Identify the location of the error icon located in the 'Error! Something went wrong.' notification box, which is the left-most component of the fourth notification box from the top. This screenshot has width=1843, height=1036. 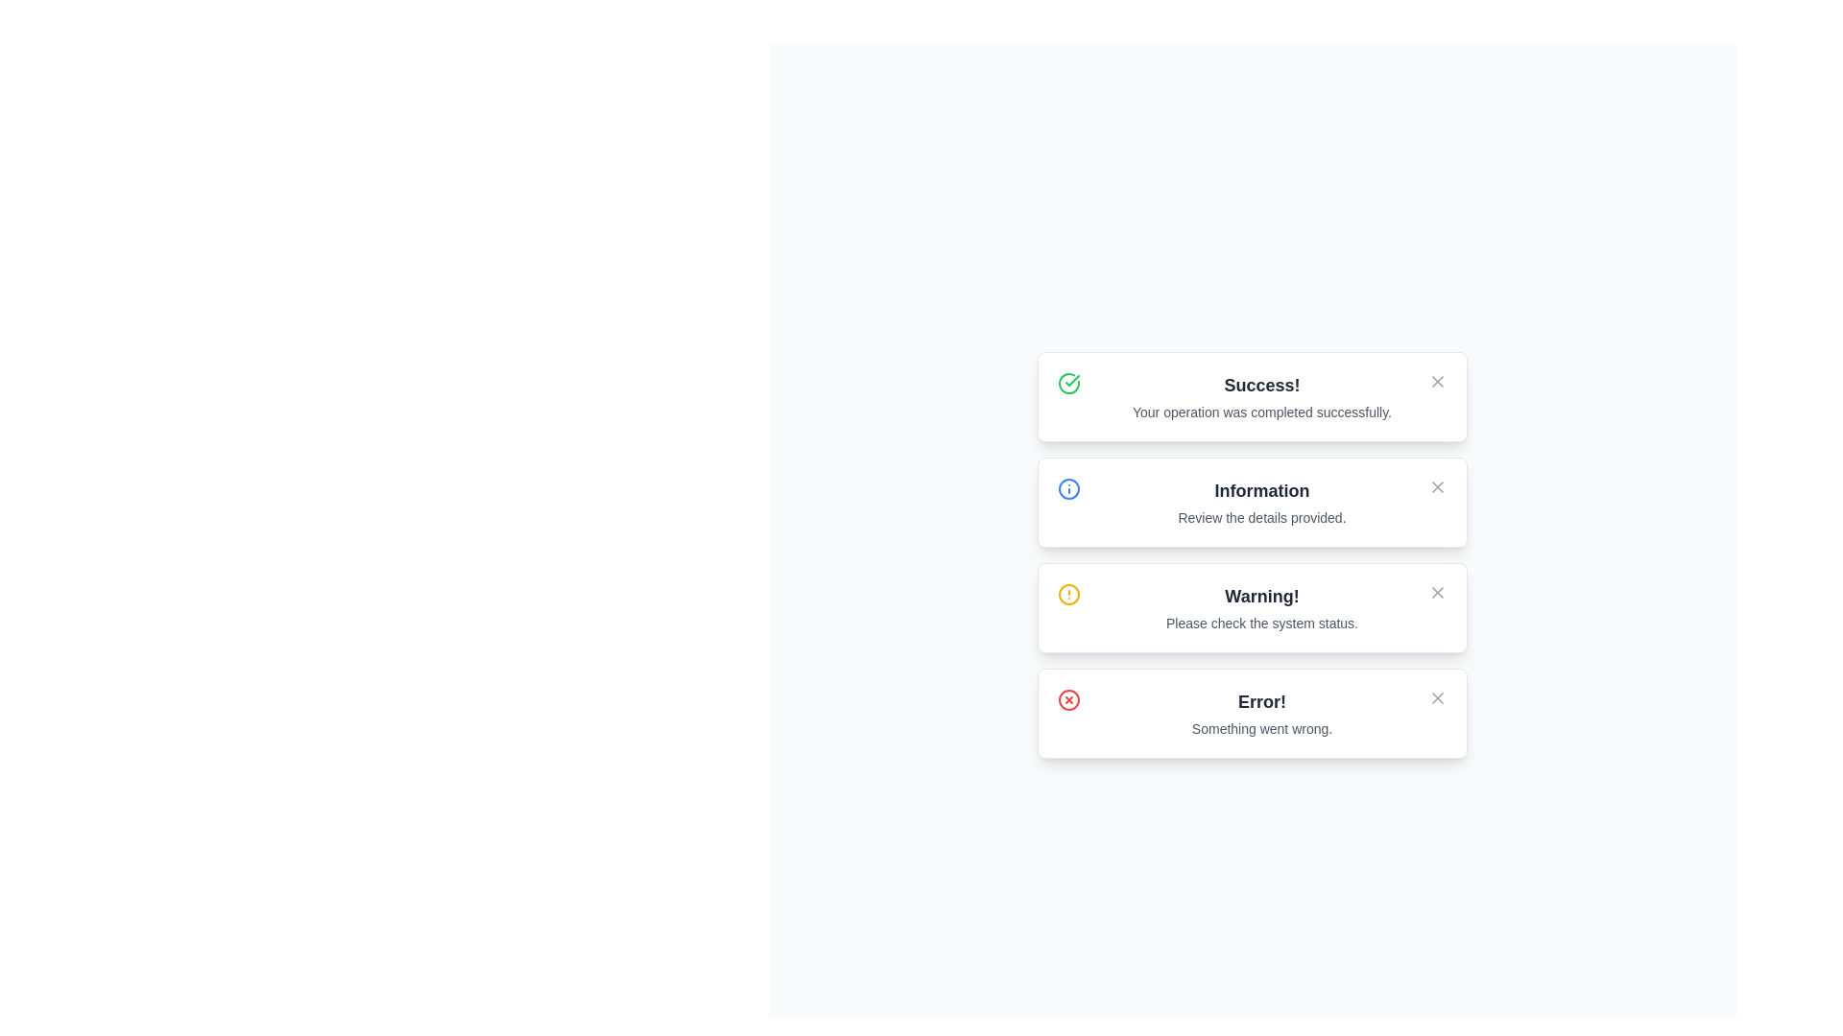
(1067, 699).